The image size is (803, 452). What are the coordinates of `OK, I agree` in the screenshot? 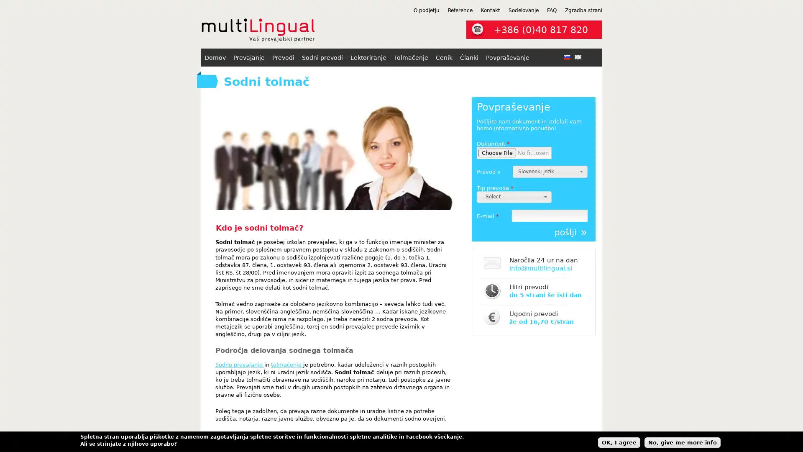 It's located at (619, 442).